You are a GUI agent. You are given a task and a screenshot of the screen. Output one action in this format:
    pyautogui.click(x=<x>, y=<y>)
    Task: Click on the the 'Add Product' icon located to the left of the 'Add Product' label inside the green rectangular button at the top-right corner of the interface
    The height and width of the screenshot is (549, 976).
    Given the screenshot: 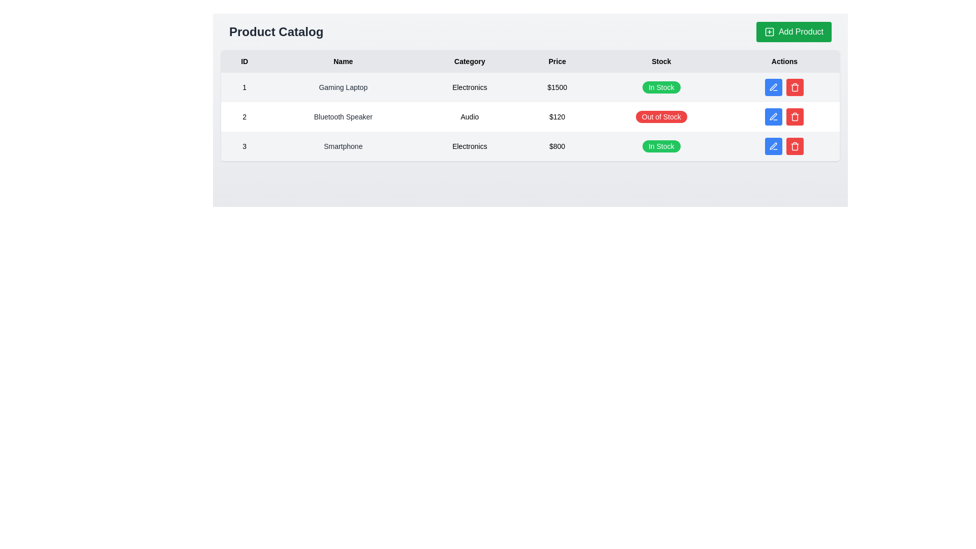 What is the action you would take?
    pyautogui.click(x=769, y=31)
    